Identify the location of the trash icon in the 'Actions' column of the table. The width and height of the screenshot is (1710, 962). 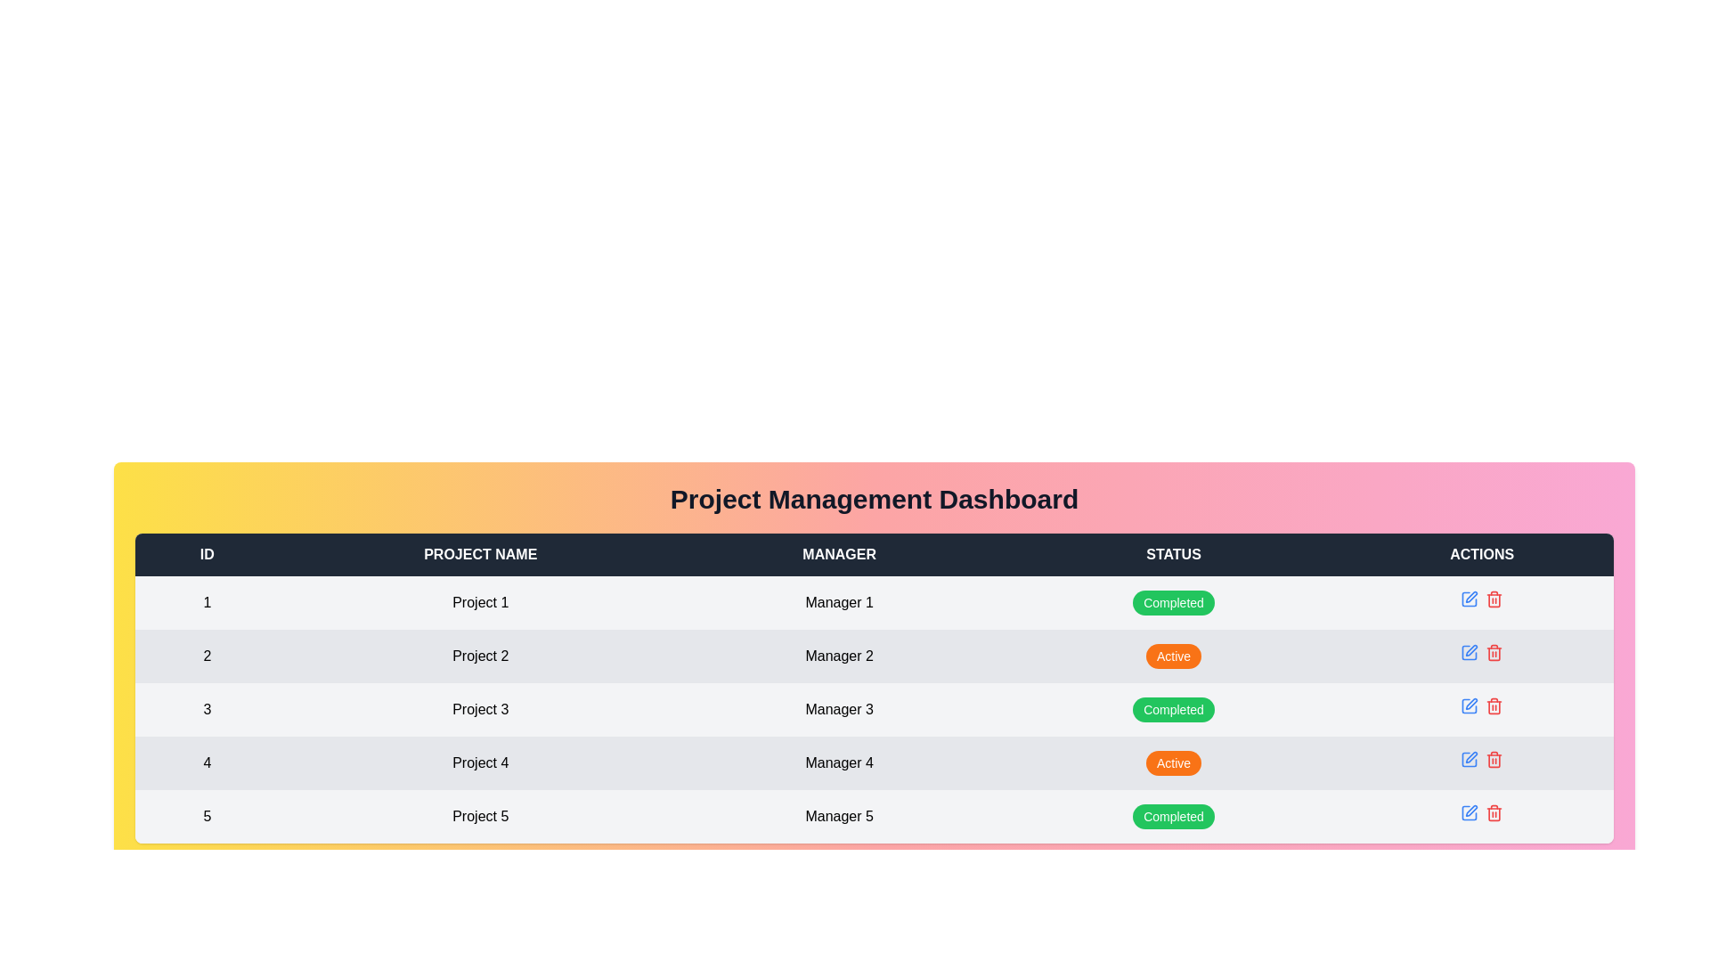
(1494, 600).